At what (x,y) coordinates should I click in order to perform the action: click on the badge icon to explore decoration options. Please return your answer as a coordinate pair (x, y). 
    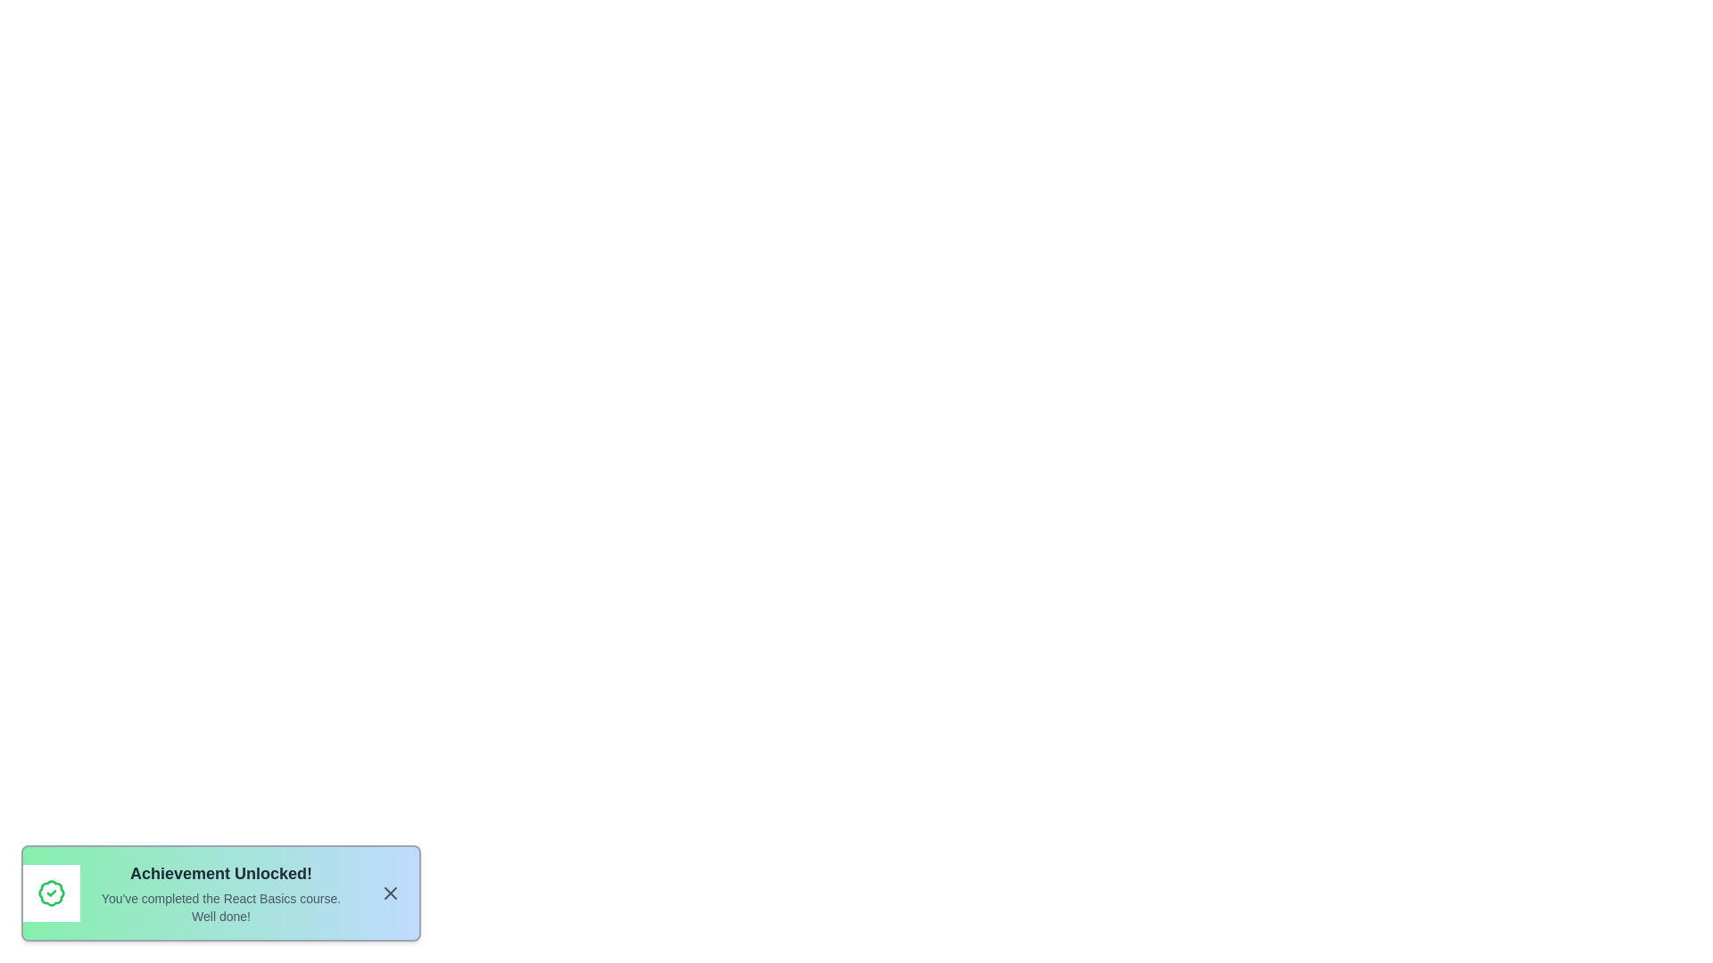
    Looking at the image, I should click on (51, 893).